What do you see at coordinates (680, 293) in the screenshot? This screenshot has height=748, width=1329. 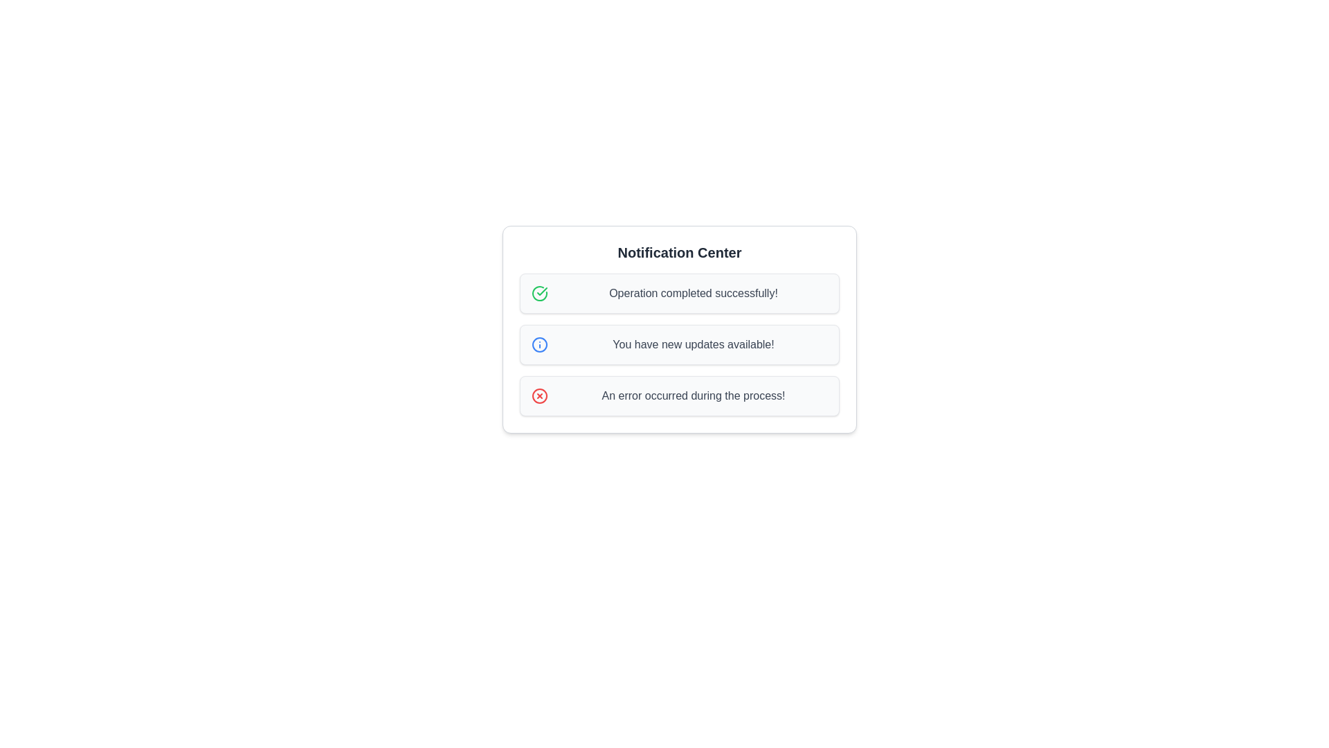 I see `the Notification box that informs the user about the successful completion of an operation` at bounding box center [680, 293].